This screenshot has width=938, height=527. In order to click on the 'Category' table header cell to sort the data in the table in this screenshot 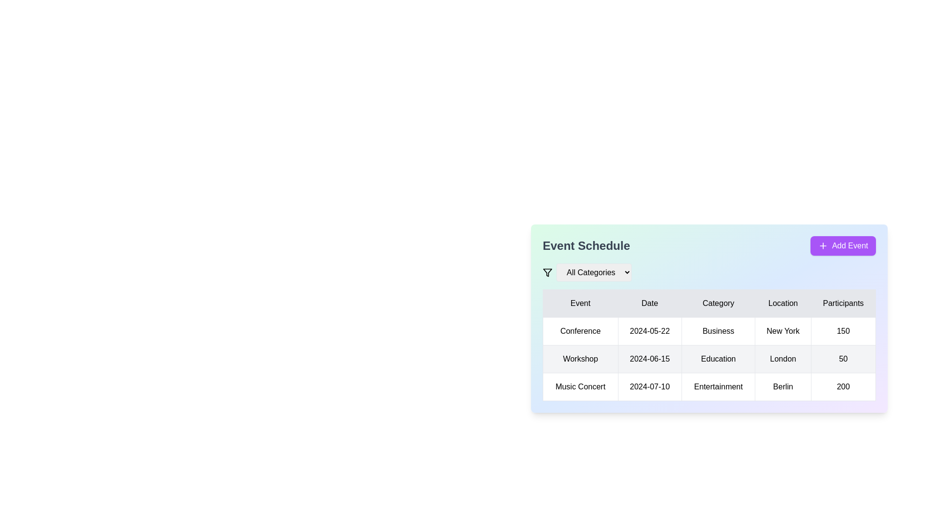, I will do `click(709, 303)`.